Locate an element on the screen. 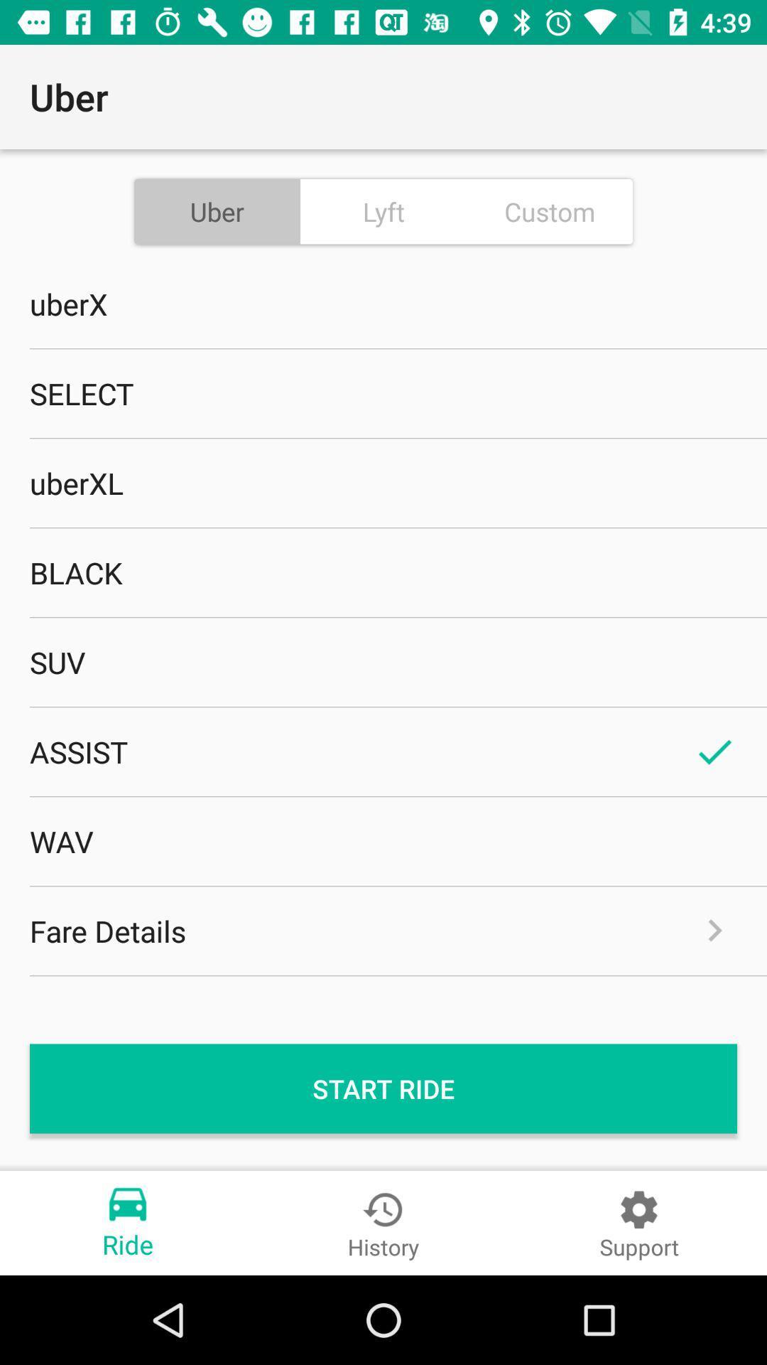  uberx icon is located at coordinates (383, 303).